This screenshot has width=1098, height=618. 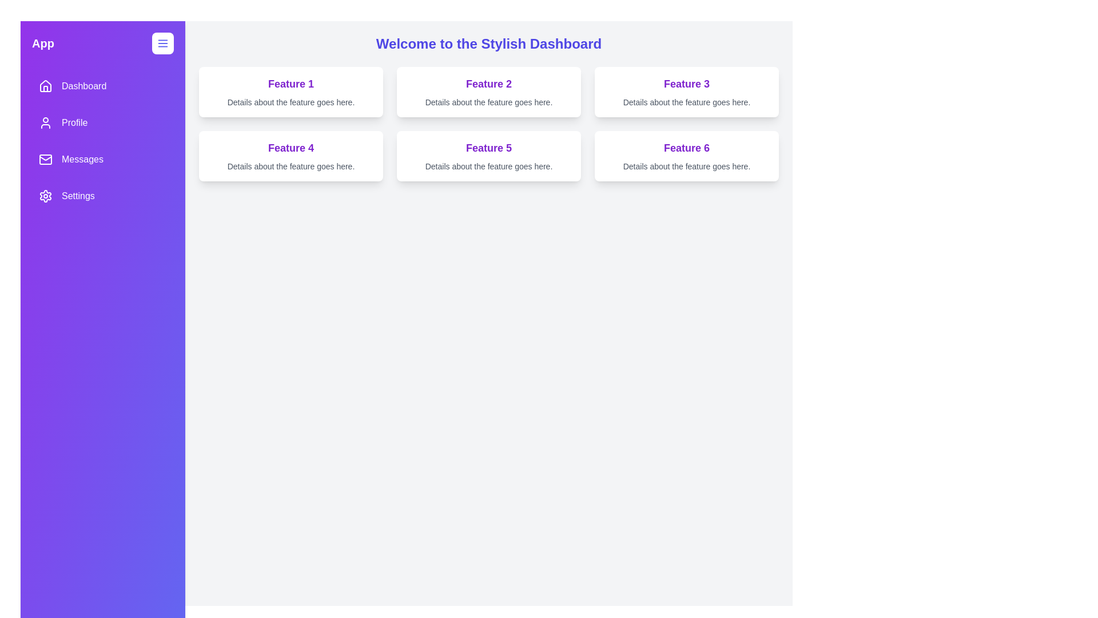 I want to click on the 'Profile' icon located in the sidebar menu, so click(x=46, y=123).